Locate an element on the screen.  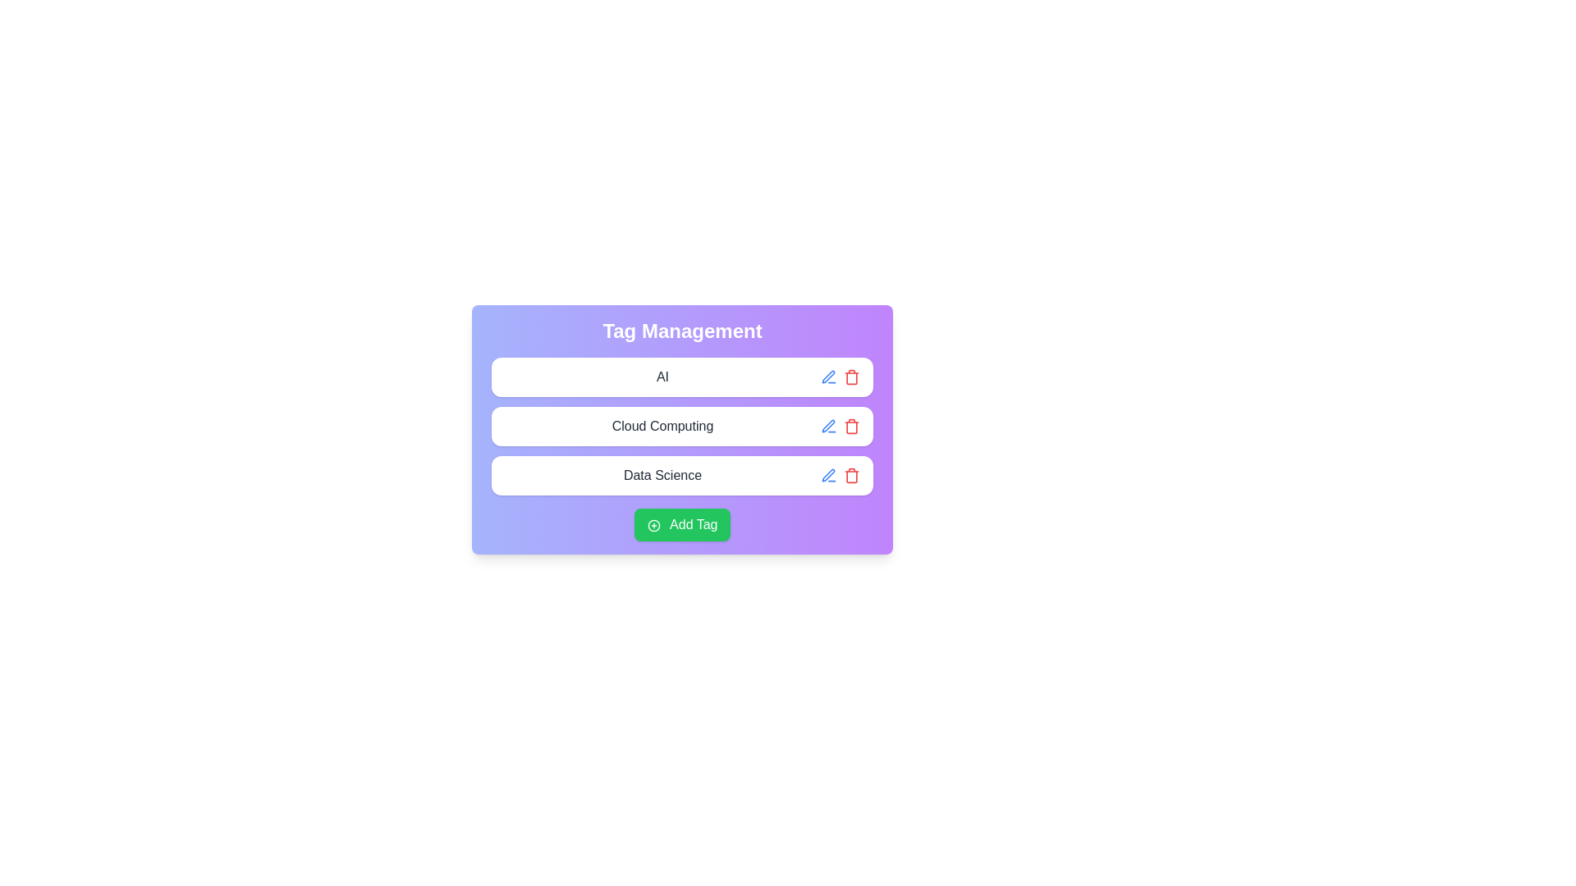
the small circle icon with a plus sign inside the green 'Add Tag' button at the bottom of the interface is located at coordinates (653, 525).